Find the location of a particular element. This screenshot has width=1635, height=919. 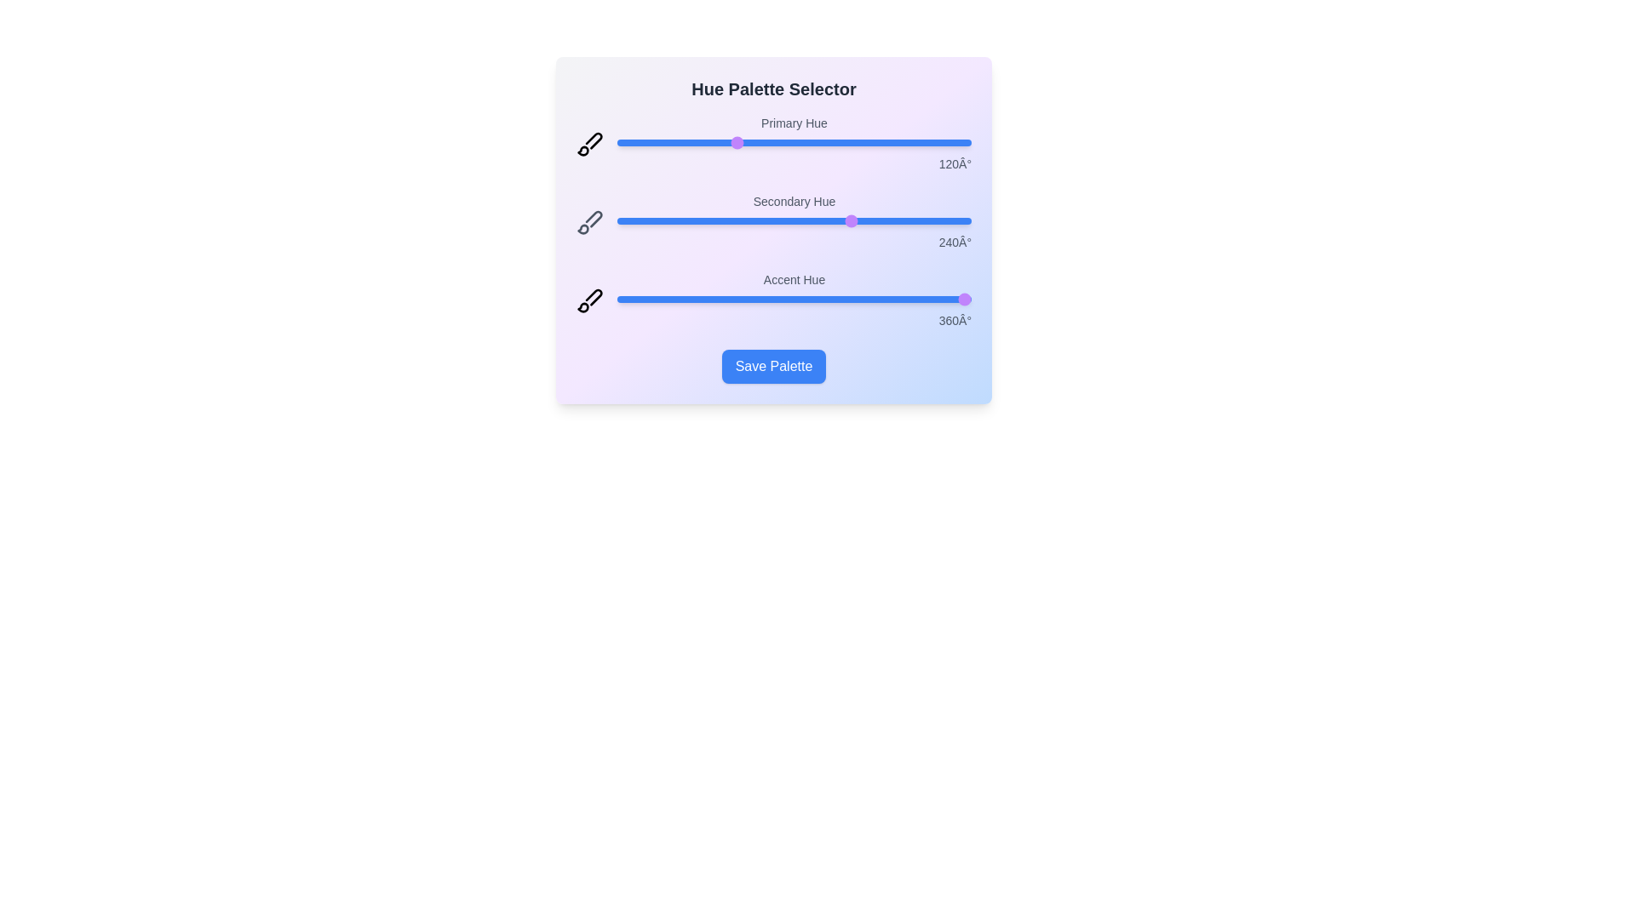

the 'Accent Hue' slider to 353 degrees is located at coordinates (964, 298).